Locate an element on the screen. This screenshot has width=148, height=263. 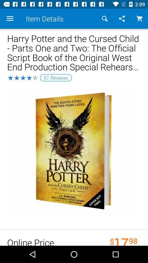
51 reviews icon is located at coordinates (56, 77).